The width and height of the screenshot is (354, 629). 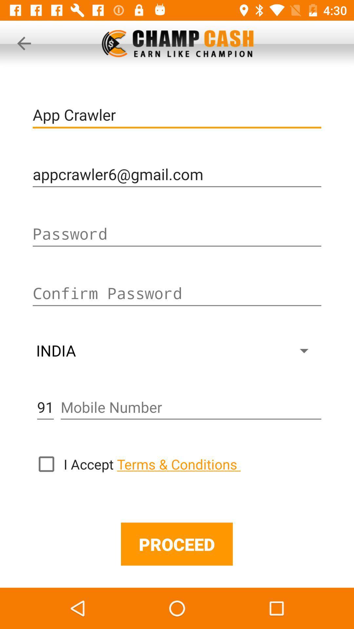 I want to click on term acceptance, so click(x=46, y=464).